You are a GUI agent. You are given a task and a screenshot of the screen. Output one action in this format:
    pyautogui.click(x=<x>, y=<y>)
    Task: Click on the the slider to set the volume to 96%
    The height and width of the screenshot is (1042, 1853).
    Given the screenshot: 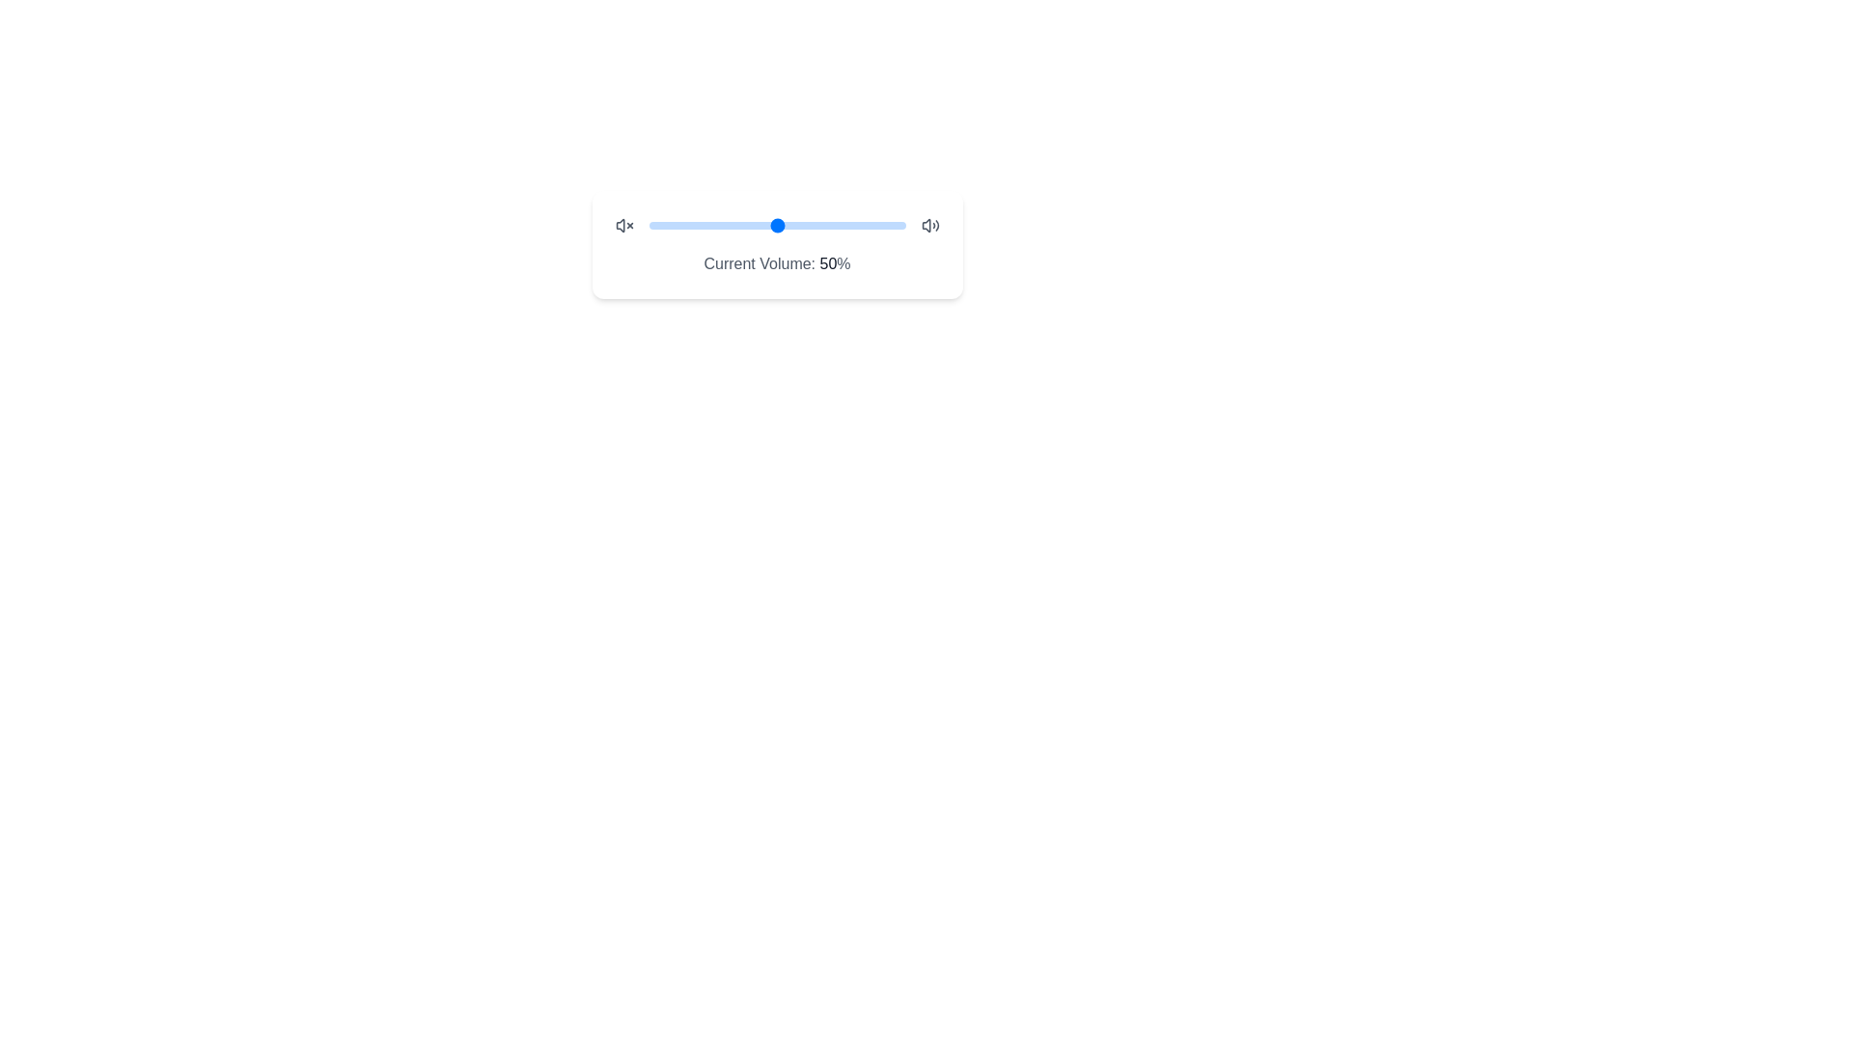 What is the action you would take?
    pyautogui.click(x=894, y=225)
    